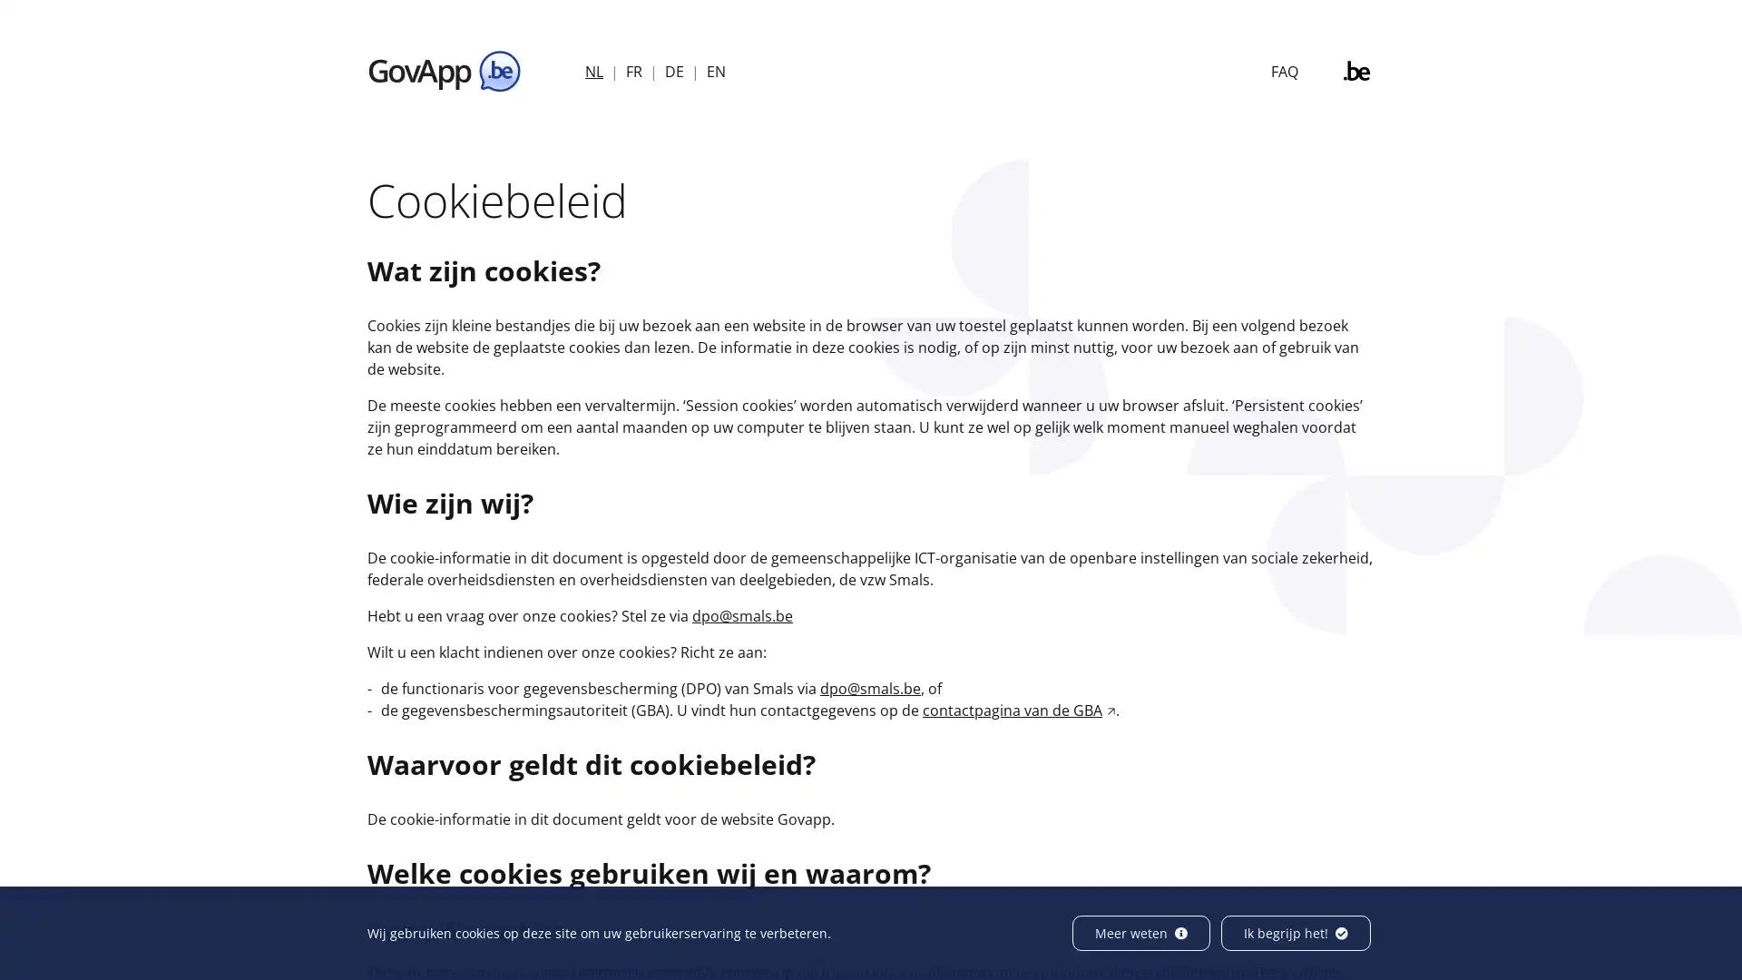 The image size is (1742, 980). What do you see at coordinates (1295, 933) in the screenshot?
I see `Ik begrijp het!` at bounding box center [1295, 933].